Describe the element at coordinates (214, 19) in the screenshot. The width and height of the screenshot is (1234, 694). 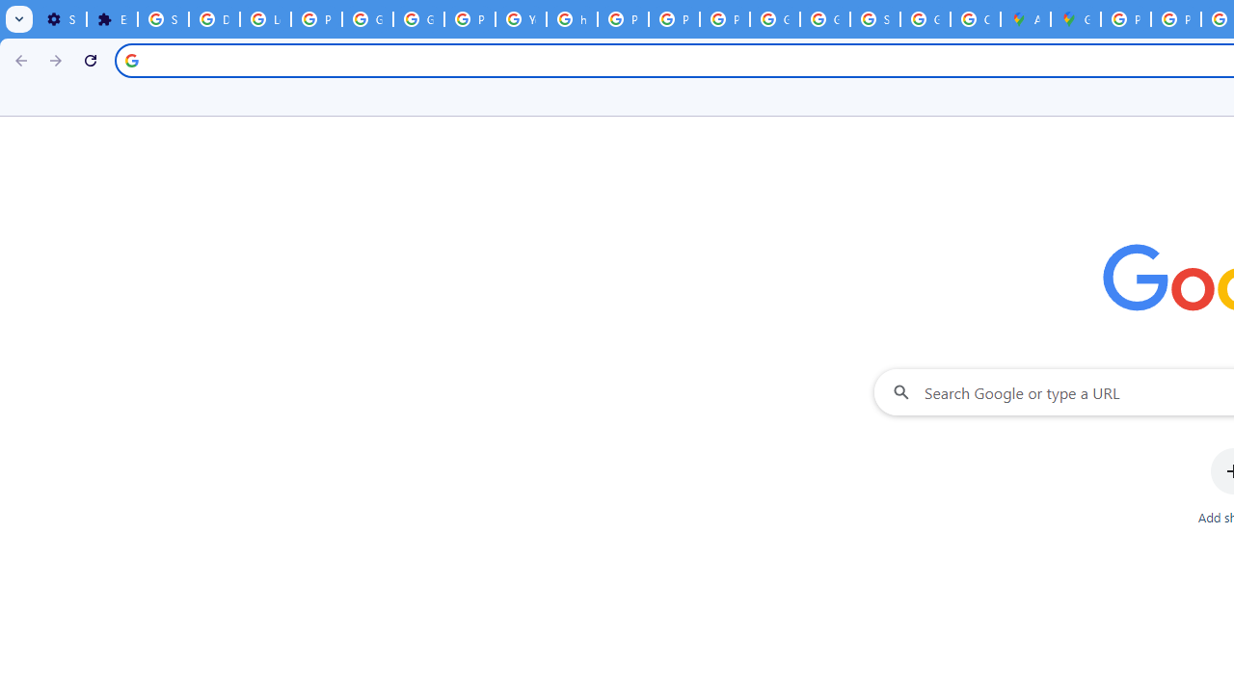
I see `'Delete photos & videos - Computer - Google Photos Help'` at that location.